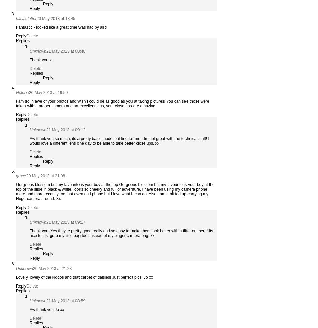 This screenshot has height=328, width=318. What do you see at coordinates (115, 191) in the screenshot?
I see `'Gorgeous blossom but my favourite is your boy at the top Gorgeous blossom but my favourite is your boy at the top of the slide in black & white, looks so cheeky and full of adventure. I have been using my camera phone more and more recently too, not even an I phone but I love what it can do. Also I am a bit fed up carrying my. Huge camera around. Xx'` at bounding box center [115, 191].